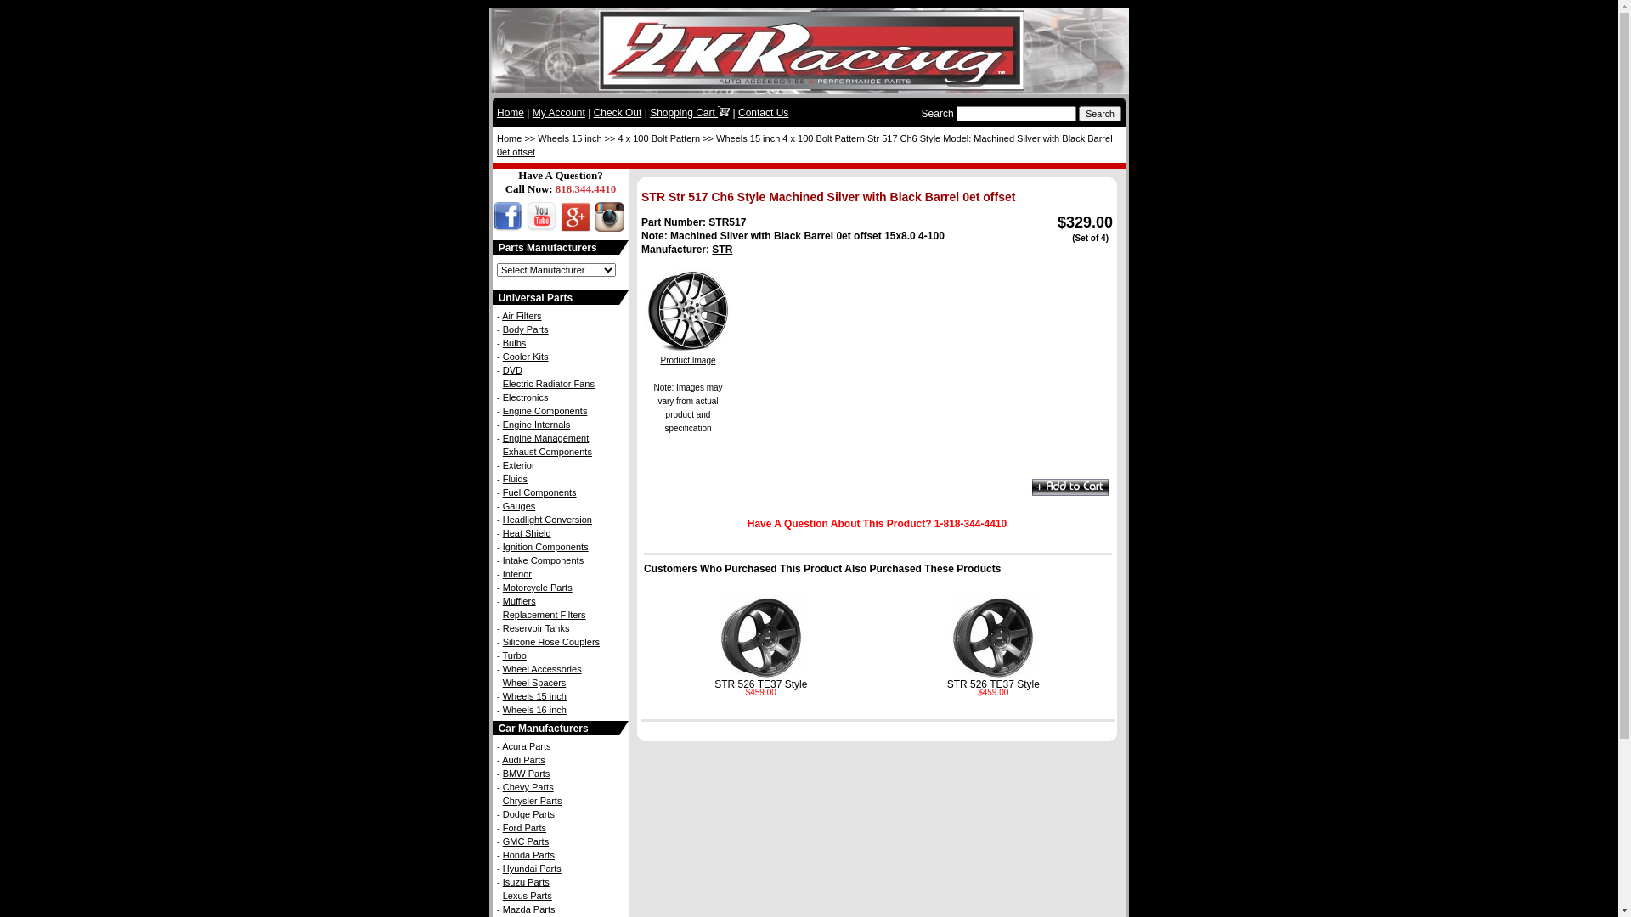 This screenshot has width=1631, height=917. I want to click on 'Body Parts', so click(525, 329).